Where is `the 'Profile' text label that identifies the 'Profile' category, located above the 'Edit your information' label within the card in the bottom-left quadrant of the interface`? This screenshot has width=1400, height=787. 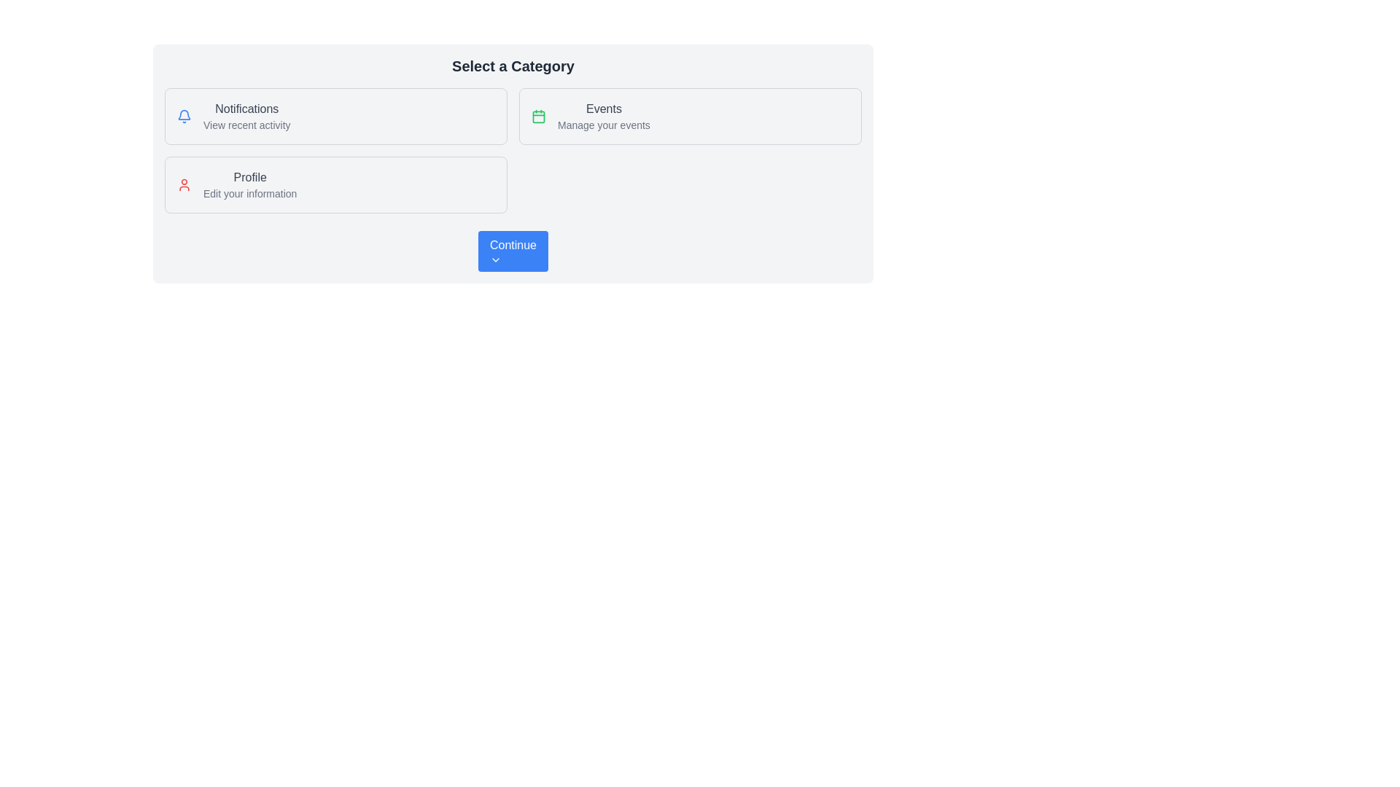
the 'Profile' text label that identifies the 'Profile' category, located above the 'Edit your information' label within the card in the bottom-left quadrant of the interface is located at coordinates (250, 176).